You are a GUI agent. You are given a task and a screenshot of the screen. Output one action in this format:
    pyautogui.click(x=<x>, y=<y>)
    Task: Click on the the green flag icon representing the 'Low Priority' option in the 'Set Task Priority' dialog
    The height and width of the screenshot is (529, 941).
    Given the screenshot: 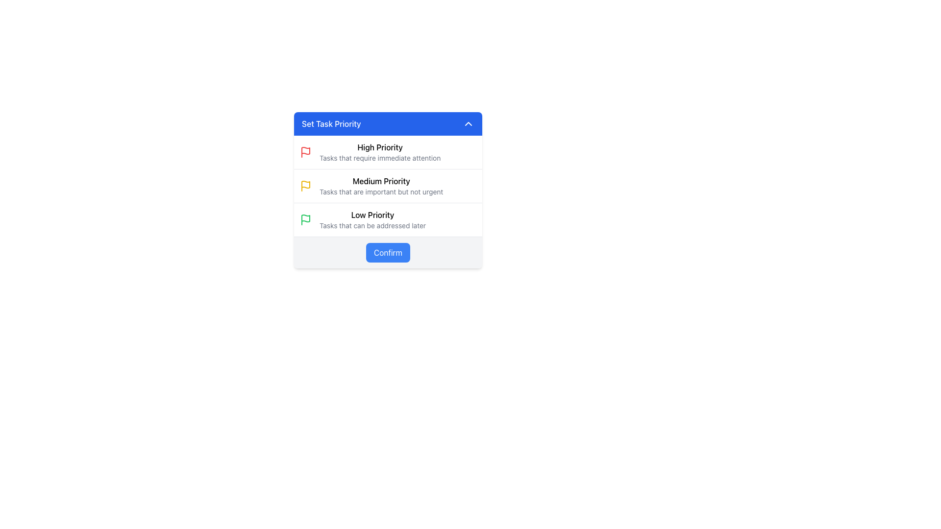 What is the action you would take?
    pyautogui.click(x=305, y=218)
    